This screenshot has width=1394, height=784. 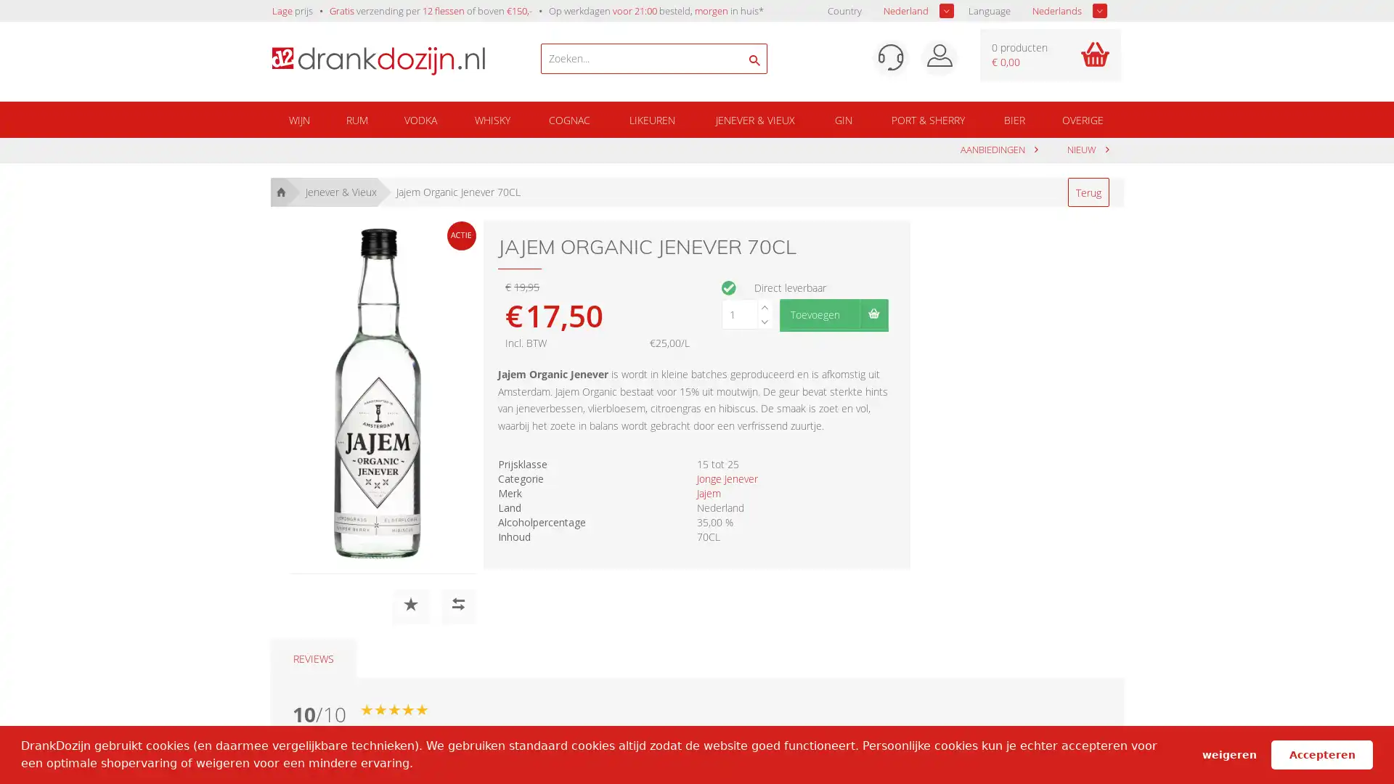 What do you see at coordinates (1228, 754) in the screenshot?
I see `deny cookies` at bounding box center [1228, 754].